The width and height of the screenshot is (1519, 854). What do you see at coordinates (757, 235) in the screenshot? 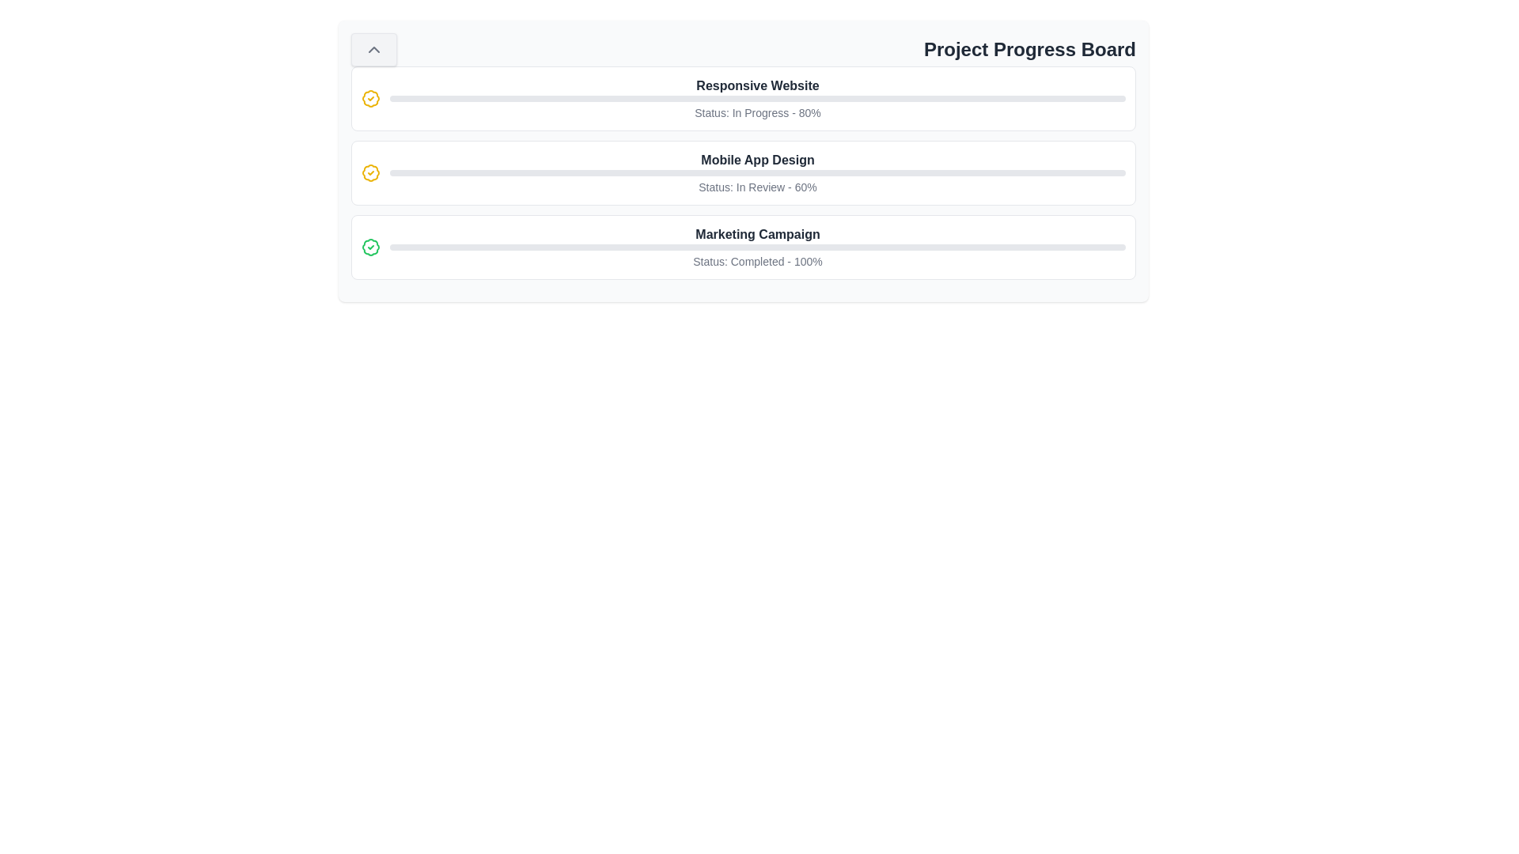
I see `the text label for the third progress entry titled 'Marketing Campaign' with the status 'Status: Completed - 100%'` at bounding box center [757, 235].